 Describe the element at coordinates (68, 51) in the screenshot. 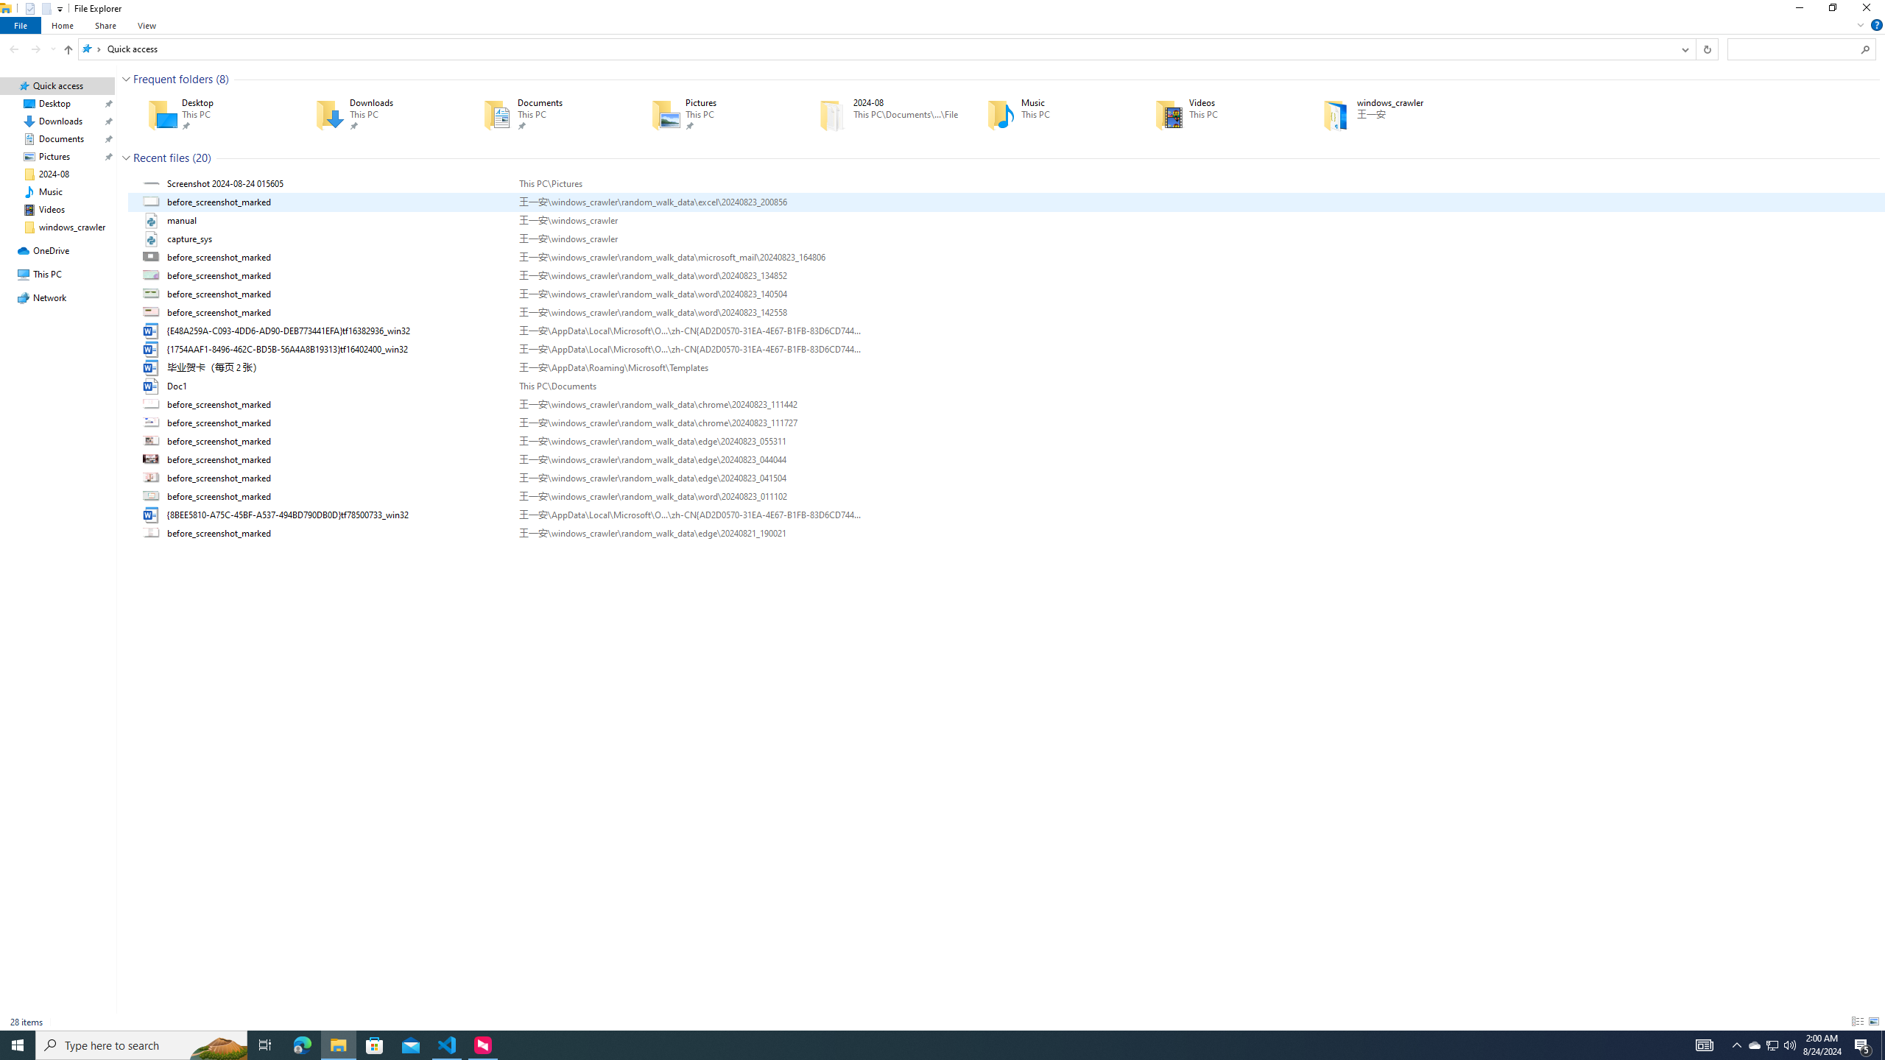

I see `'Up band toolbar'` at that location.